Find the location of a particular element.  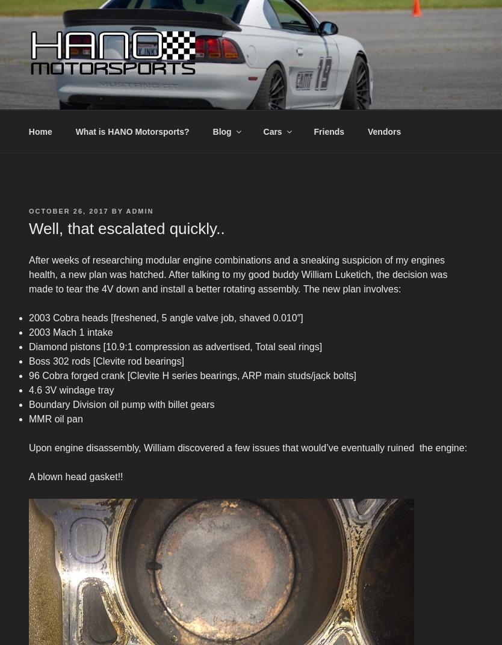

'96 Cobra forged crank [Clevite H series bearings, ARP main studs/jack bolts]' is located at coordinates (192, 375).